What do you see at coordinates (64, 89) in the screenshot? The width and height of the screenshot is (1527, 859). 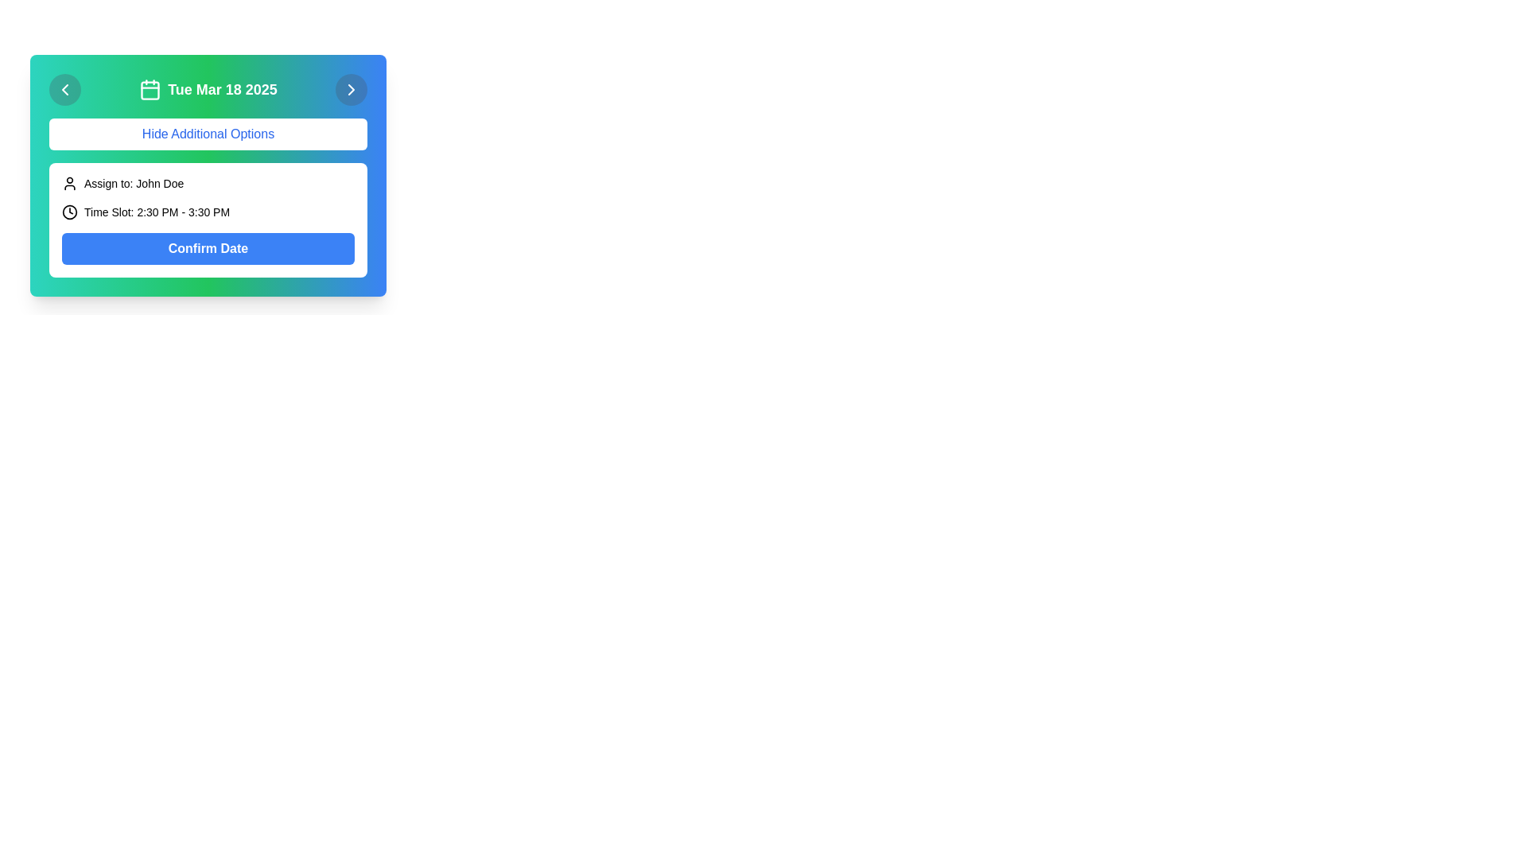 I see `the left-pointing chevron icon with a white stroke within the rounded button on the green gradient background` at bounding box center [64, 89].